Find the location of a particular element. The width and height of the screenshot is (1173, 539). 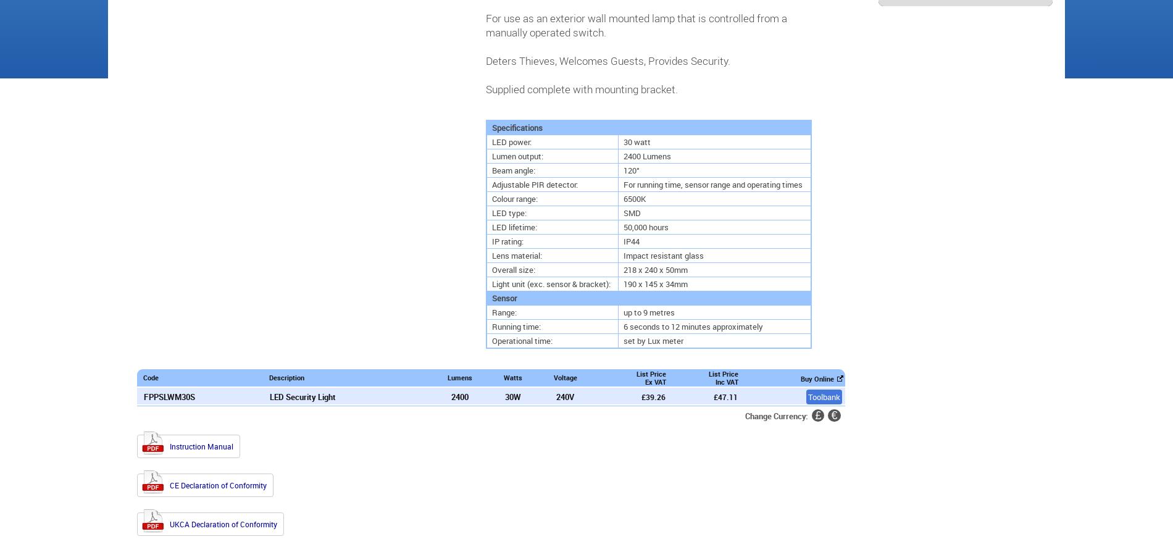

'Supplied complete with mounting bracket.' is located at coordinates (581, 88).